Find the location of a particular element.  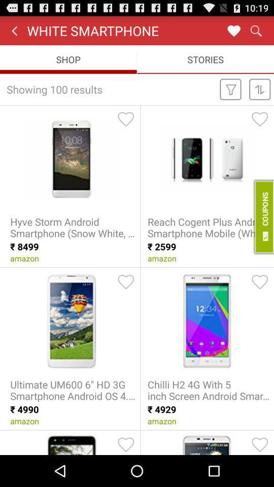

this page is located at coordinates (233, 30).